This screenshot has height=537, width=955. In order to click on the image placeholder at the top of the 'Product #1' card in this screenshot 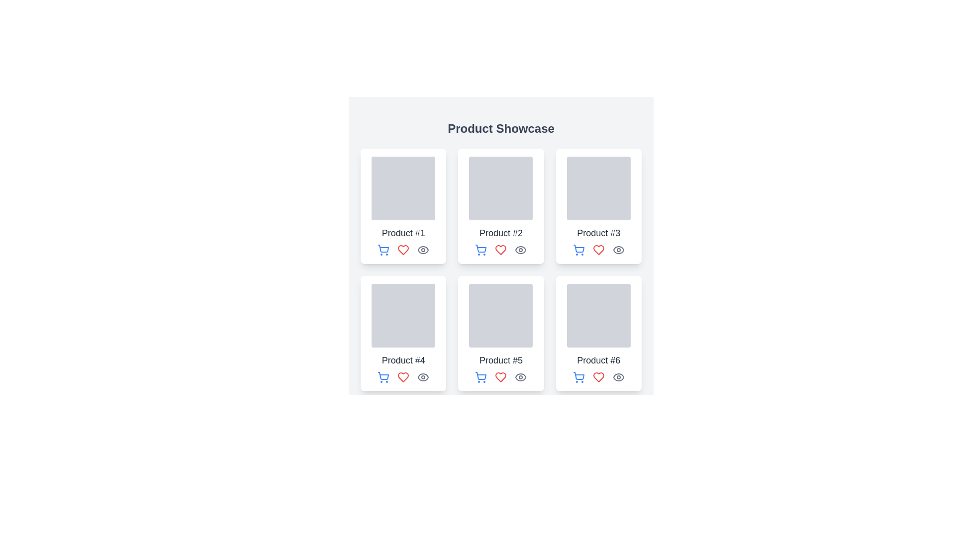, I will do `click(403, 188)`.